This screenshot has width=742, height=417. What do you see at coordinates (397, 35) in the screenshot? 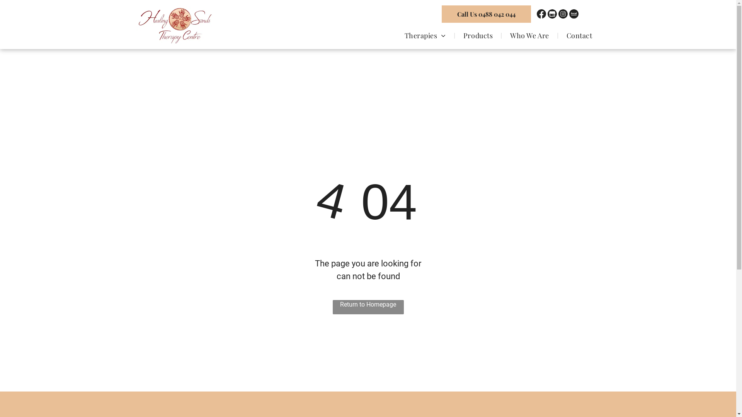
I see `'Therapies'` at bounding box center [397, 35].